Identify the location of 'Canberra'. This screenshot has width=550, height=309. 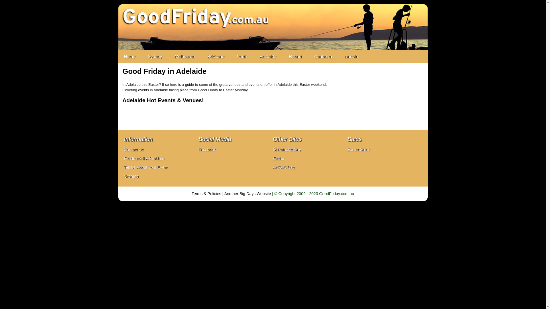
(308, 56).